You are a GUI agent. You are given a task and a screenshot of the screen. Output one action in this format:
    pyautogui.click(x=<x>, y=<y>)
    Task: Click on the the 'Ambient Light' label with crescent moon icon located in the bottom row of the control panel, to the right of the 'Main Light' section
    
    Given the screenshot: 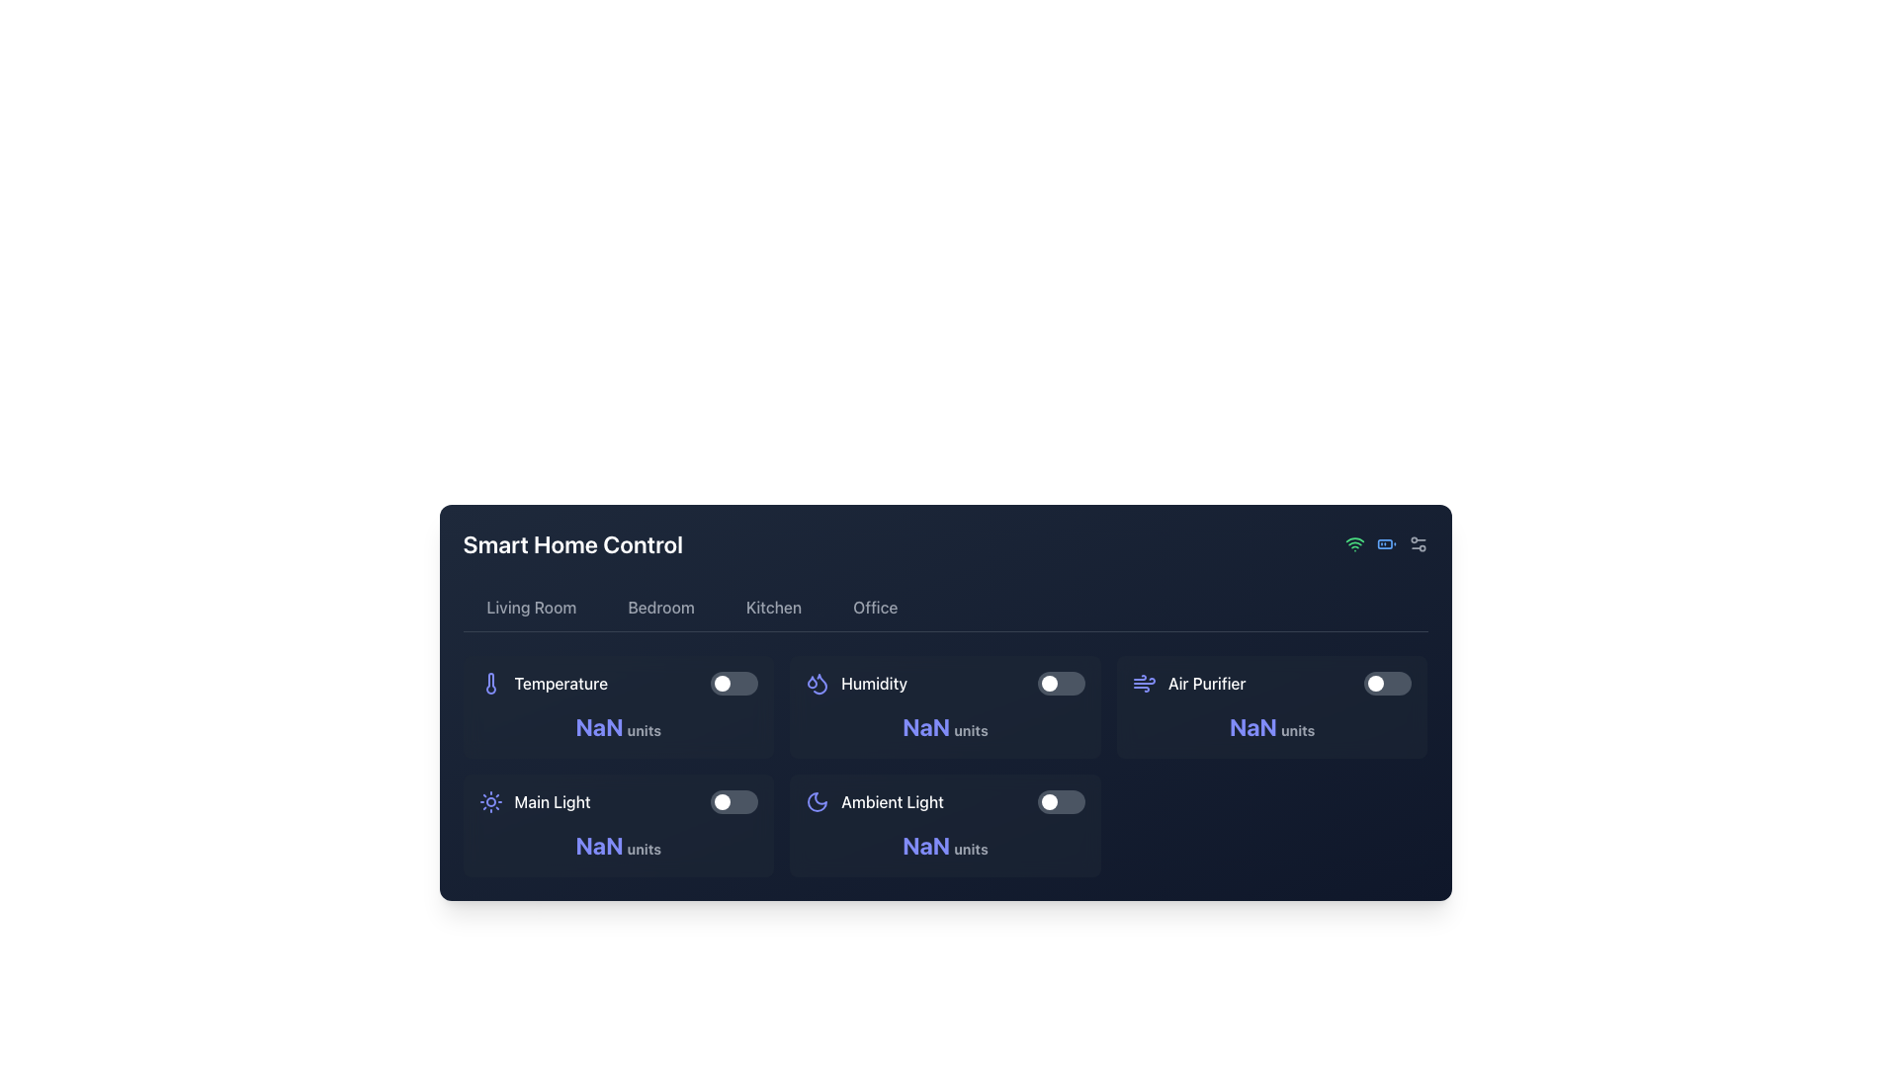 What is the action you would take?
    pyautogui.click(x=874, y=802)
    